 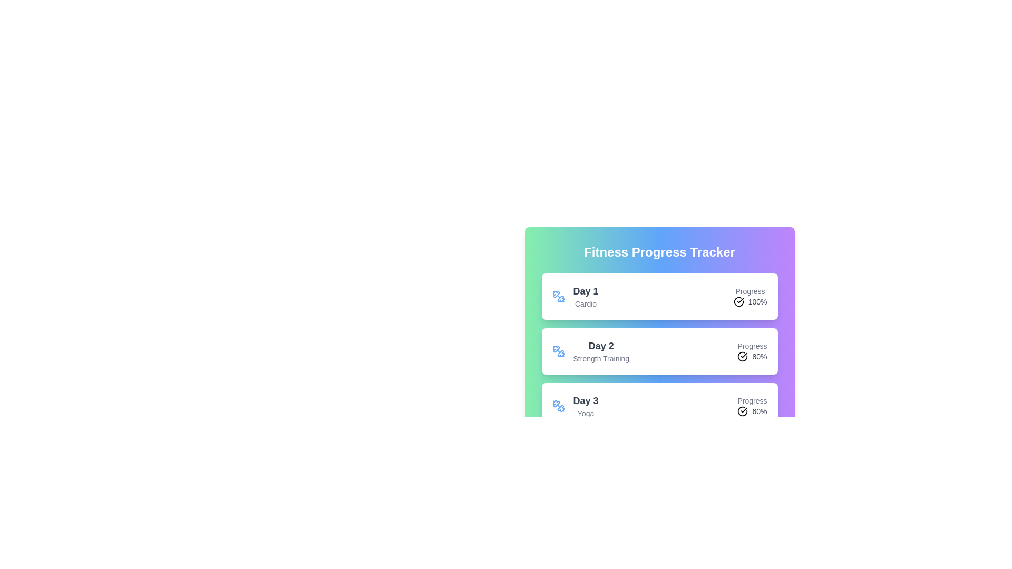 I want to click on the activity icon for Cardio, so click(x=558, y=297).